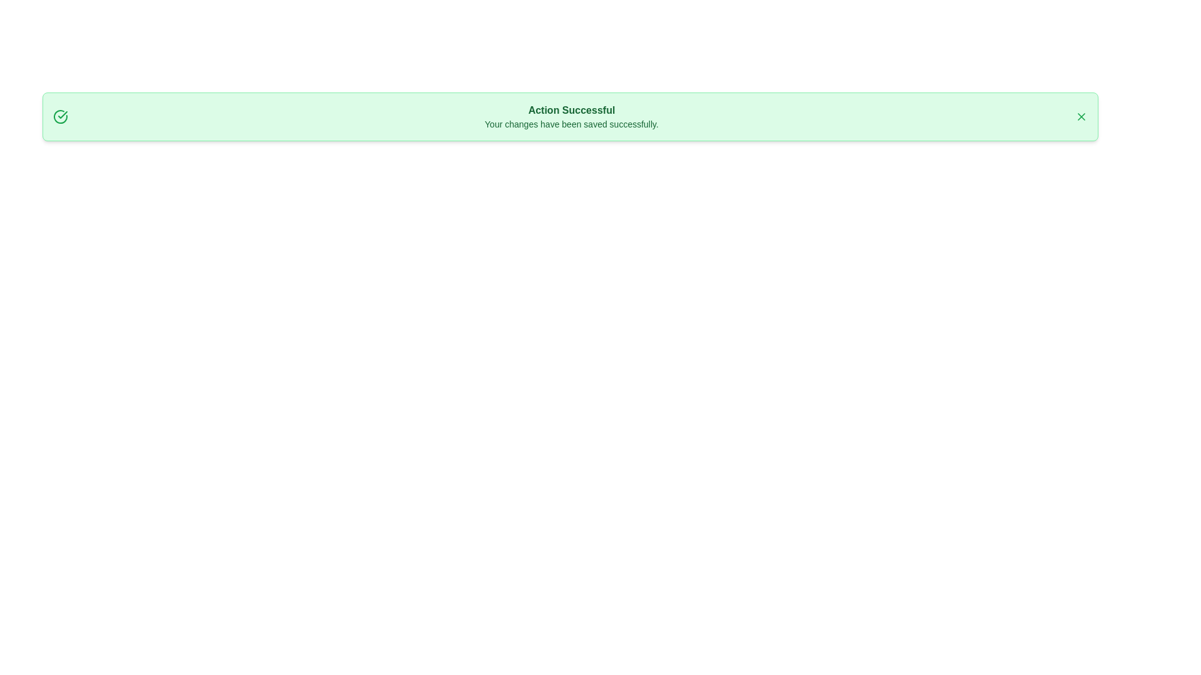 The image size is (1201, 675). I want to click on close button to dismiss the alert, so click(1080, 116).